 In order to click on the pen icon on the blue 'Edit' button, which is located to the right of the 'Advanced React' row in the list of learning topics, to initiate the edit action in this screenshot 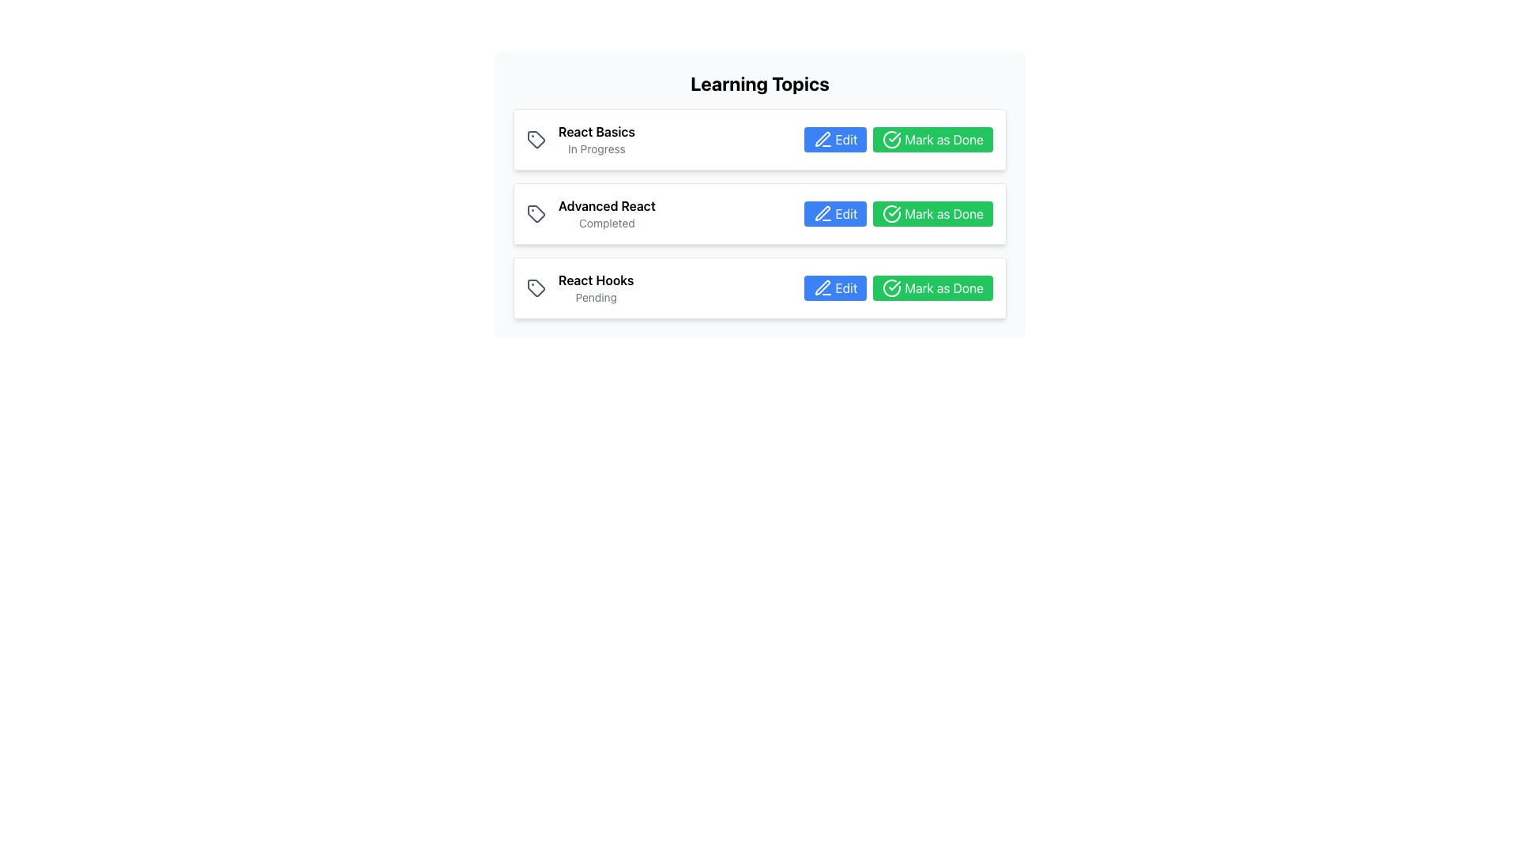, I will do `click(822, 213)`.